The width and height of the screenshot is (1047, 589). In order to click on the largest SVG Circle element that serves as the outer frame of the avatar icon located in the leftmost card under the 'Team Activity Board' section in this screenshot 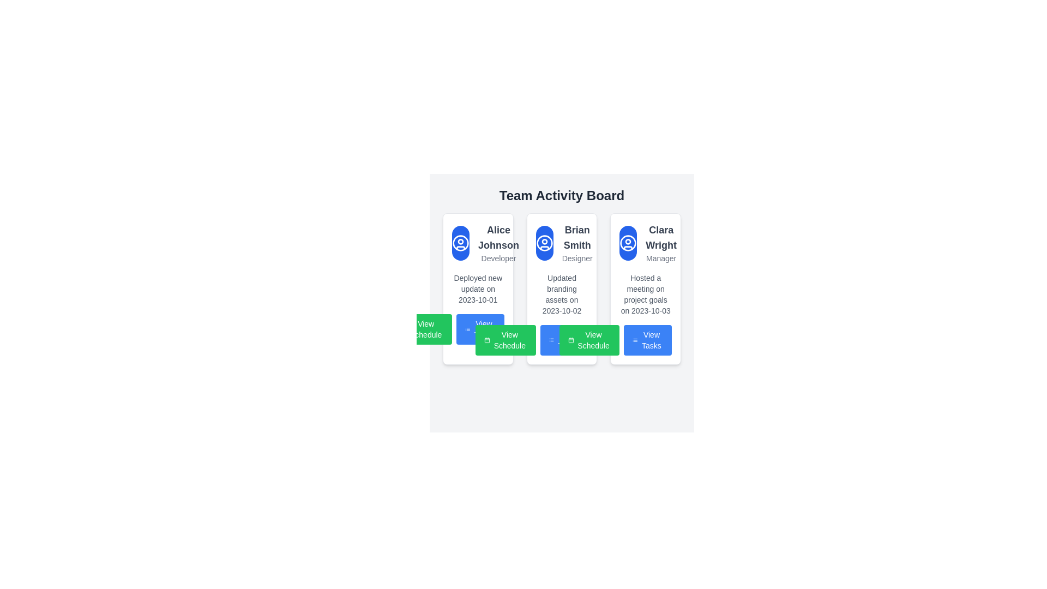, I will do `click(460, 243)`.